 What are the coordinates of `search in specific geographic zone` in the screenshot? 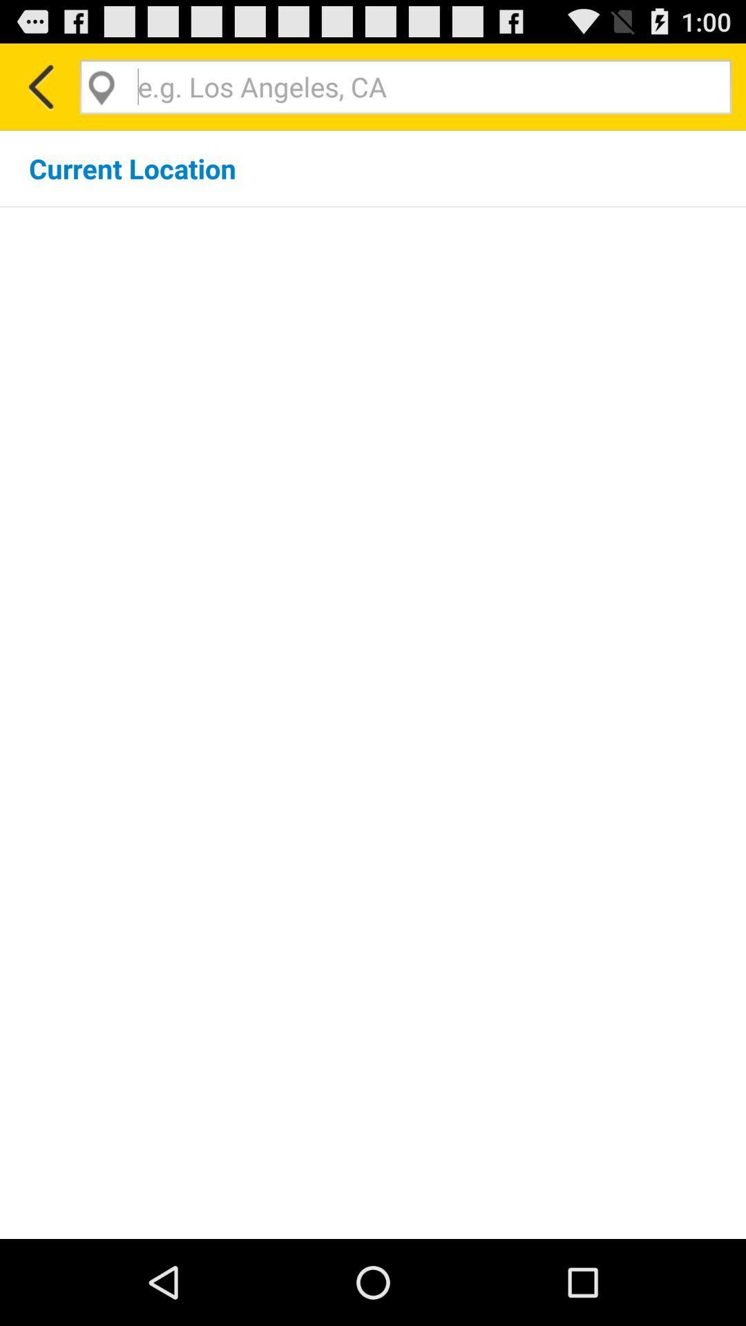 It's located at (405, 86).